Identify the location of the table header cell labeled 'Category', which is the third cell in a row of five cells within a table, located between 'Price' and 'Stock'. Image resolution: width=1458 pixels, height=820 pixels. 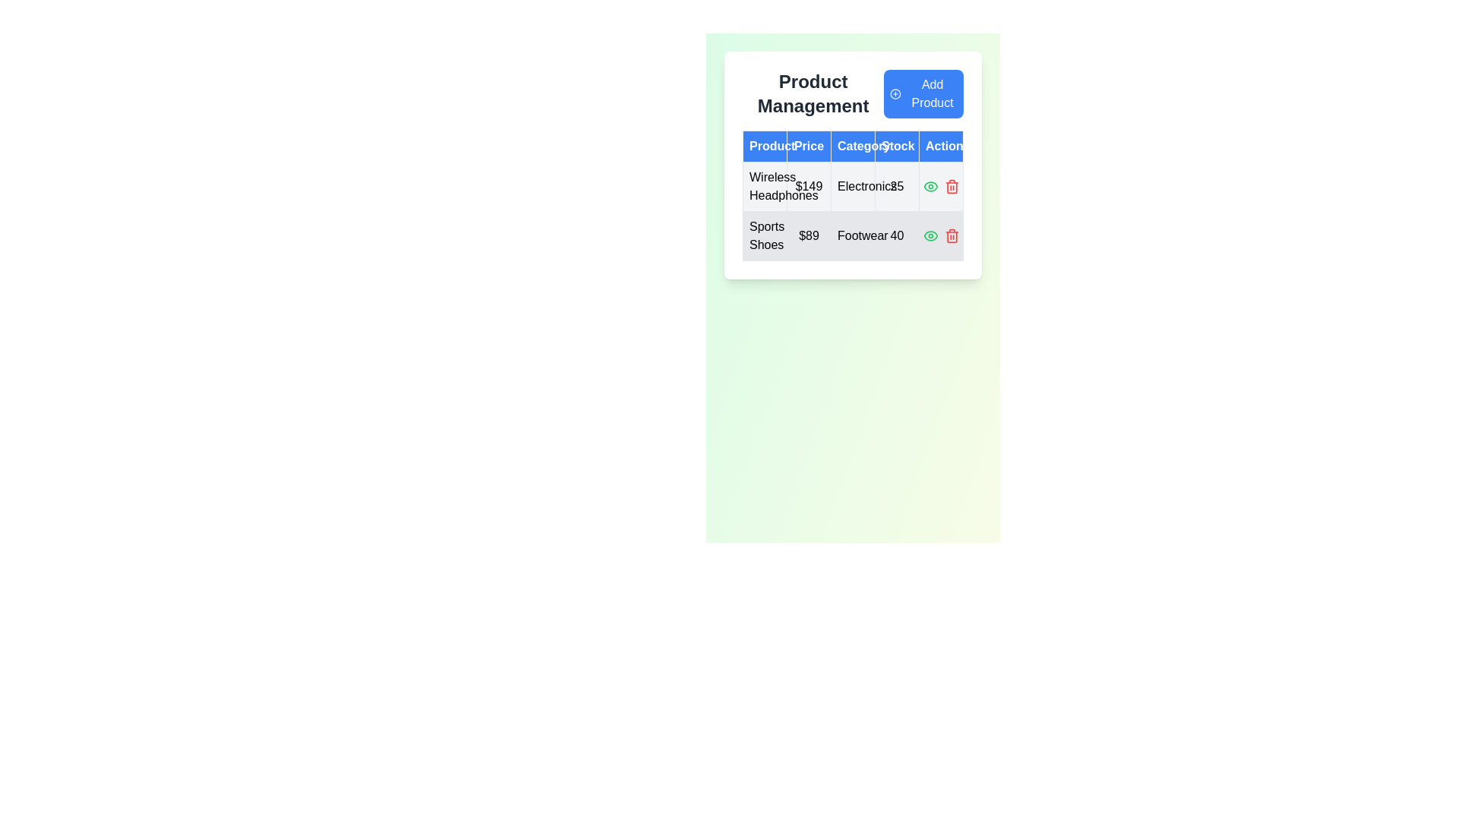
(853, 146).